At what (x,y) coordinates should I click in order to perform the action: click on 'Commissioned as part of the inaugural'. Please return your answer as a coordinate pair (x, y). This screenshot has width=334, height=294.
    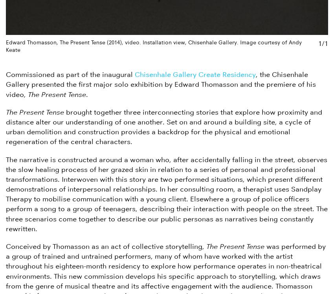
    Looking at the image, I should click on (70, 74).